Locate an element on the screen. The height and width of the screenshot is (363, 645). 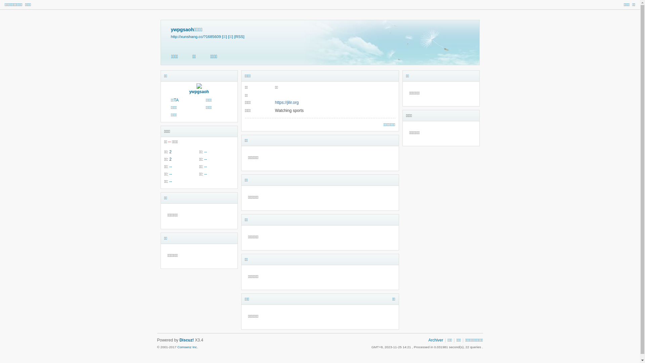
'[RSS]' is located at coordinates (239, 36).